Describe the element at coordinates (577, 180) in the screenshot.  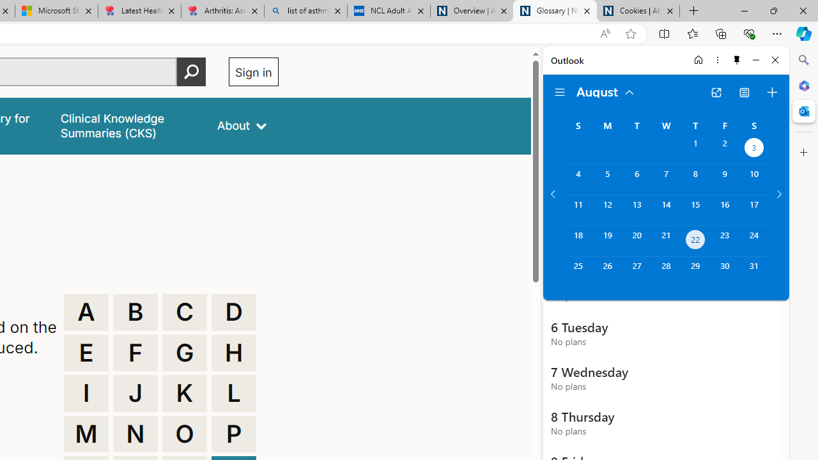
I see `'Sunday, August 4, 2024. '` at that location.